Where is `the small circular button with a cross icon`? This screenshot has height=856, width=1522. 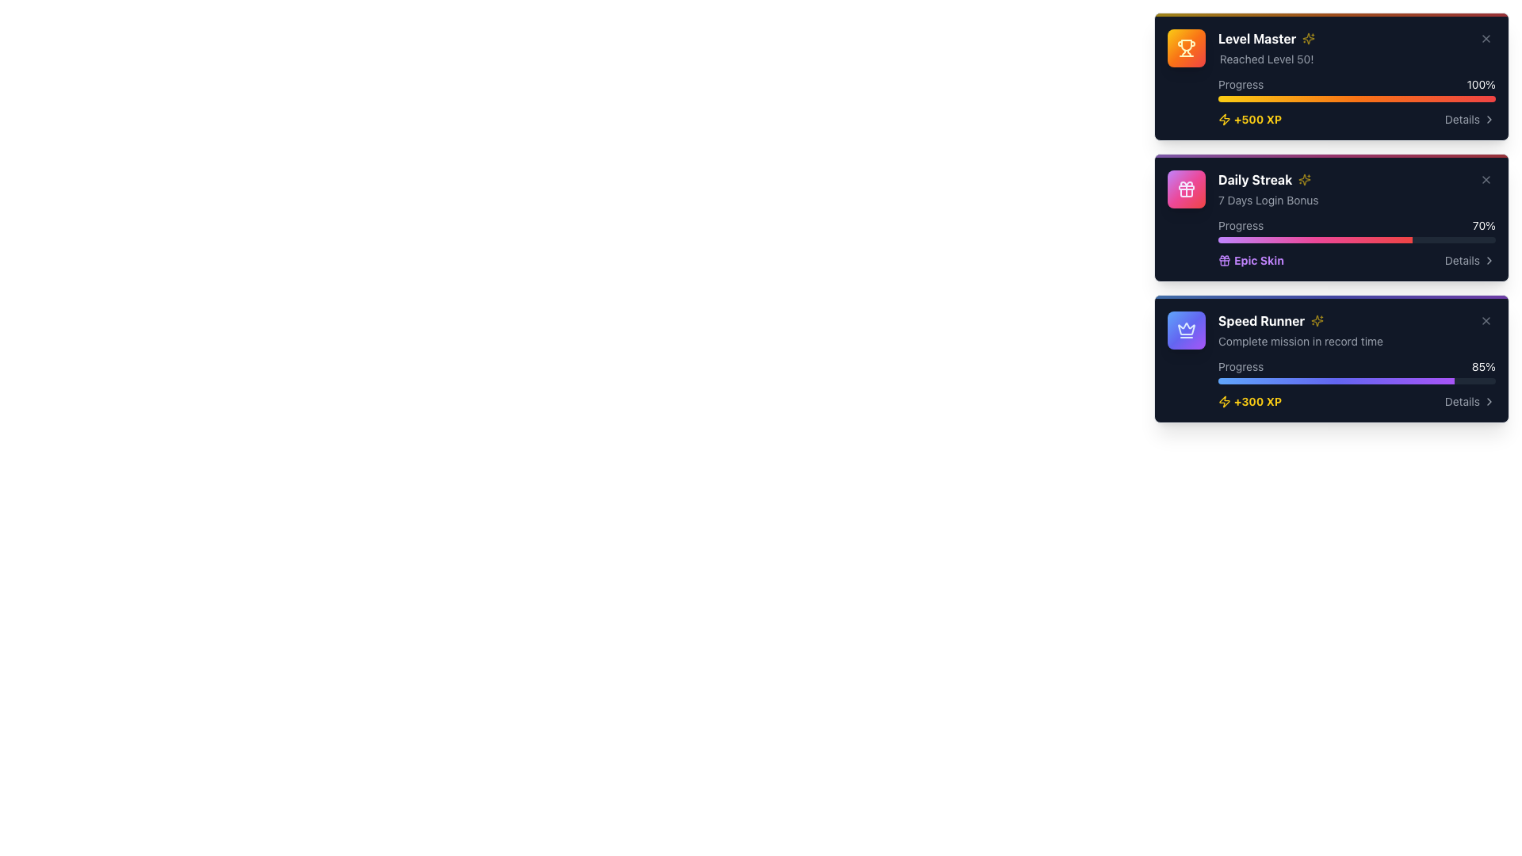 the small circular button with a cross icon is located at coordinates (1486, 38).